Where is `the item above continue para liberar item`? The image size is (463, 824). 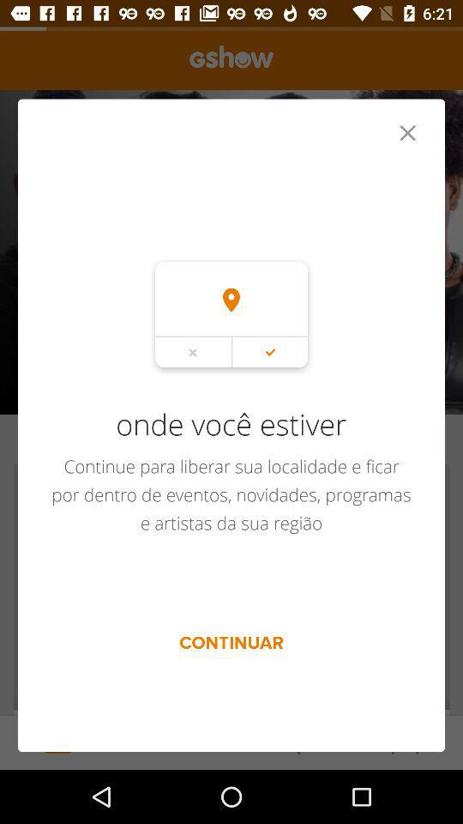 the item above continue para liberar item is located at coordinates (406, 132).